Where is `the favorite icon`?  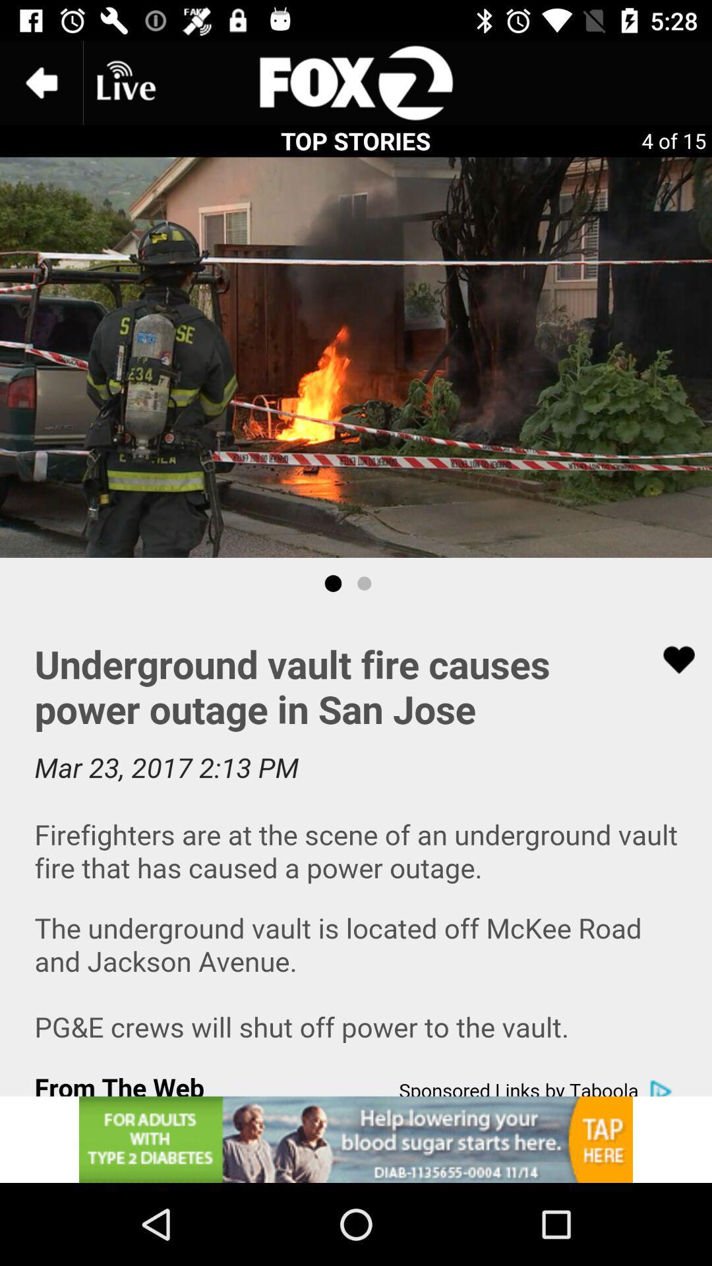
the favorite icon is located at coordinates (670, 659).